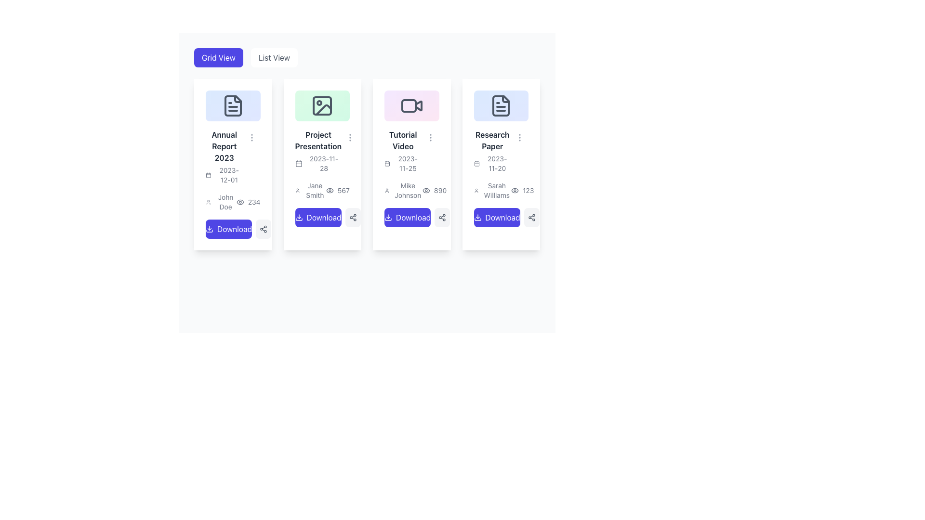 Image resolution: width=925 pixels, height=520 pixels. What do you see at coordinates (403, 190) in the screenshot?
I see `the text label 'Mike Johnson' located in the lower portion of the third card from the left, above the 'Download' button and beside the eye icon` at bounding box center [403, 190].